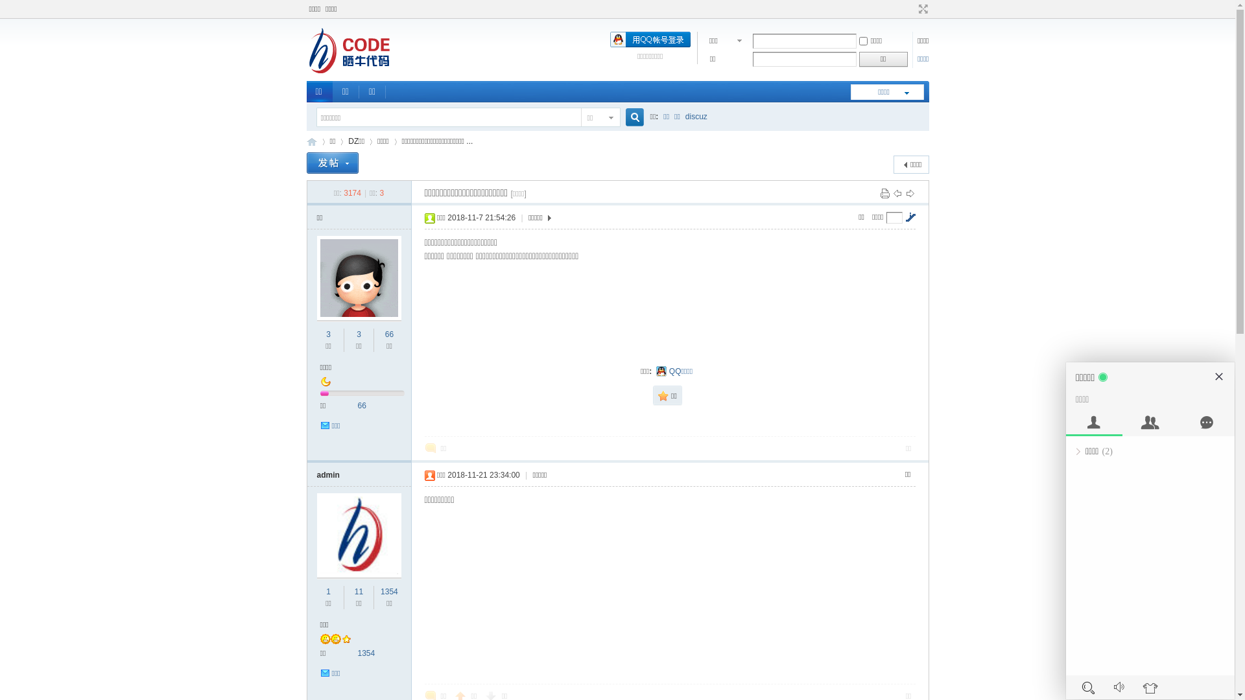  What do you see at coordinates (327, 474) in the screenshot?
I see `'admin'` at bounding box center [327, 474].